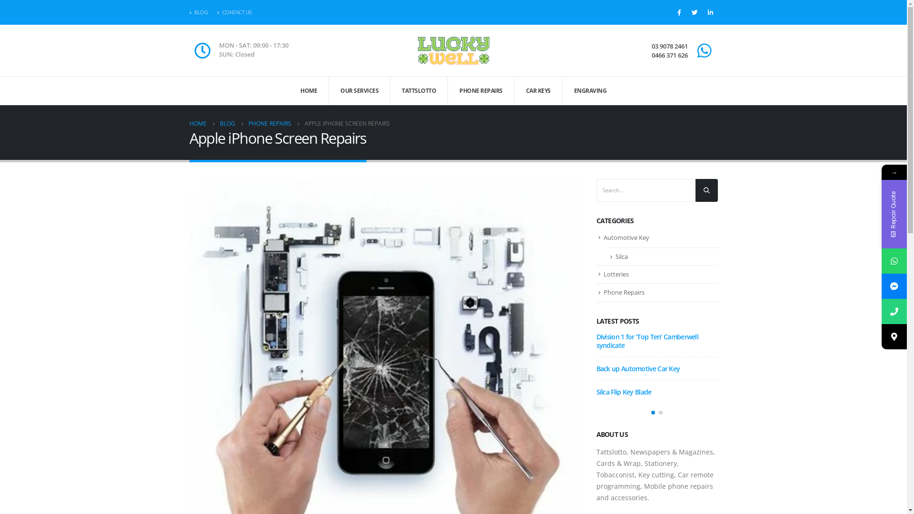 The width and height of the screenshot is (914, 514). What do you see at coordinates (514, 91) in the screenshot?
I see `'CAR KEYS'` at bounding box center [514, 91].